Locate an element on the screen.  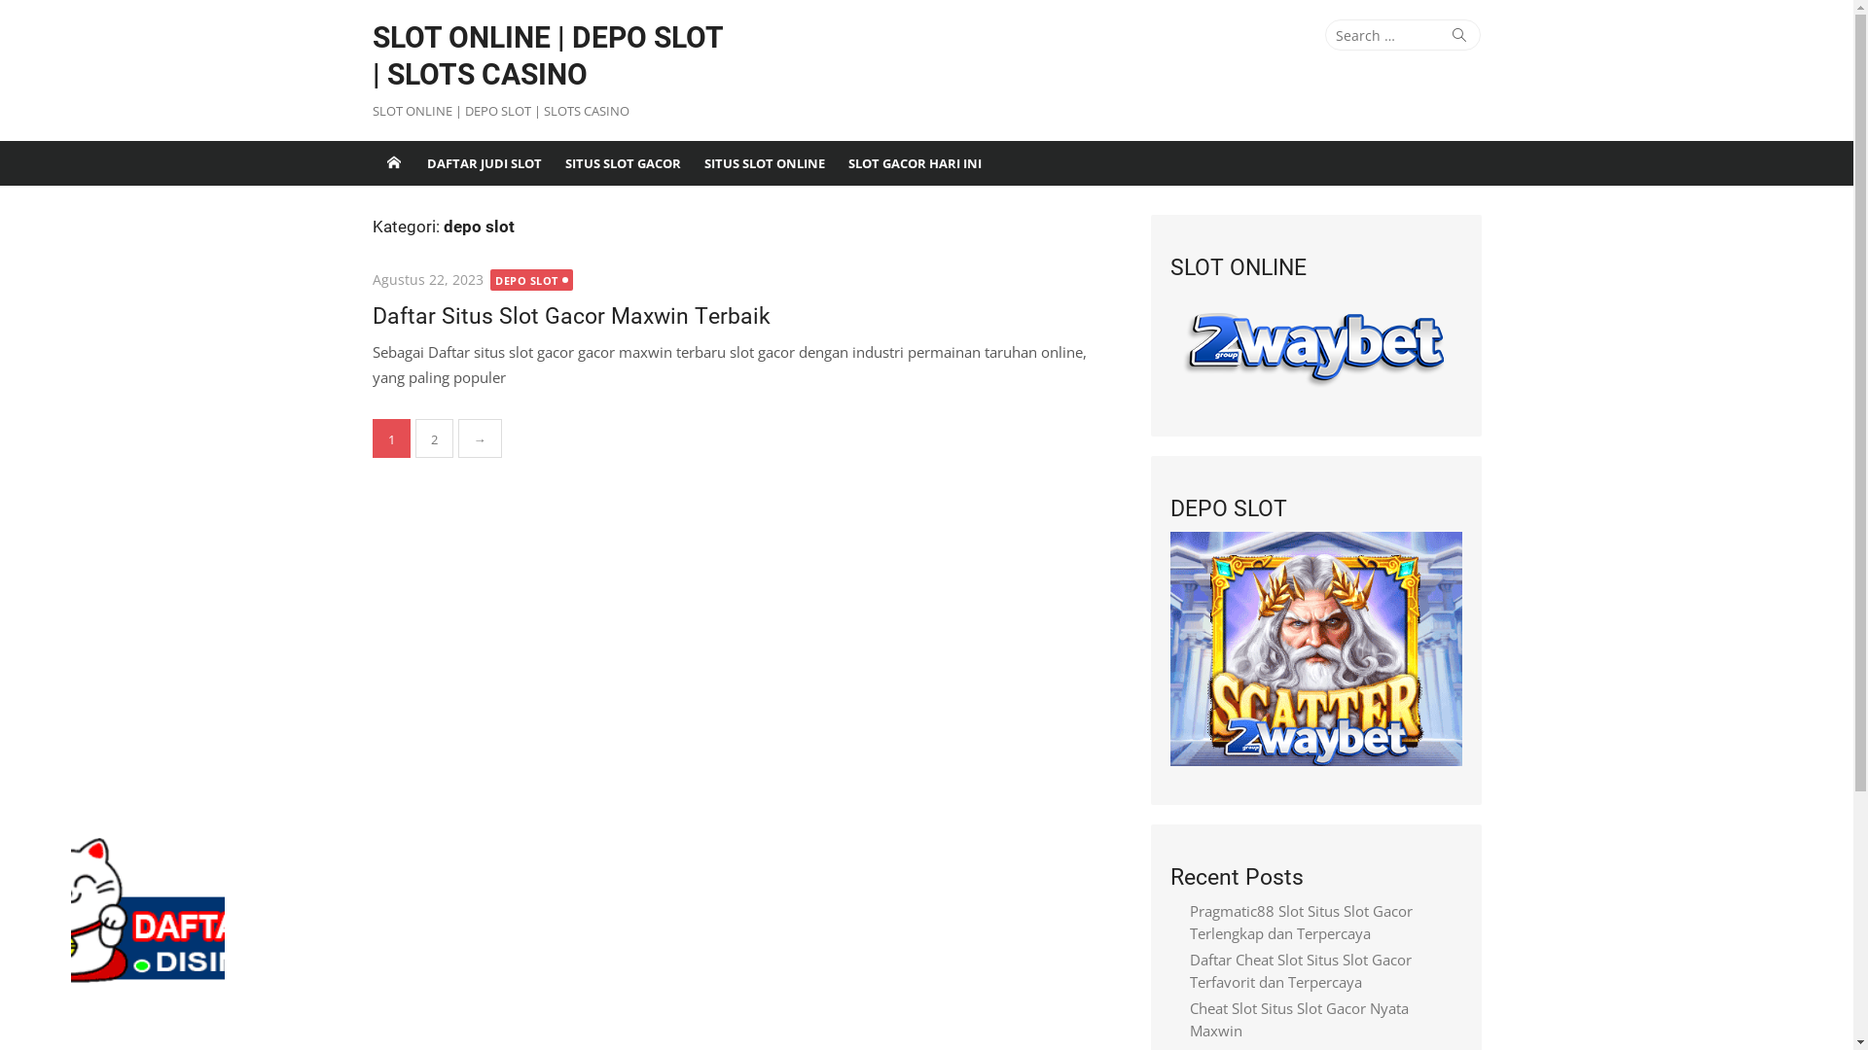
'SITUS SLOT GACOR' is located at coordinates (621, 162).